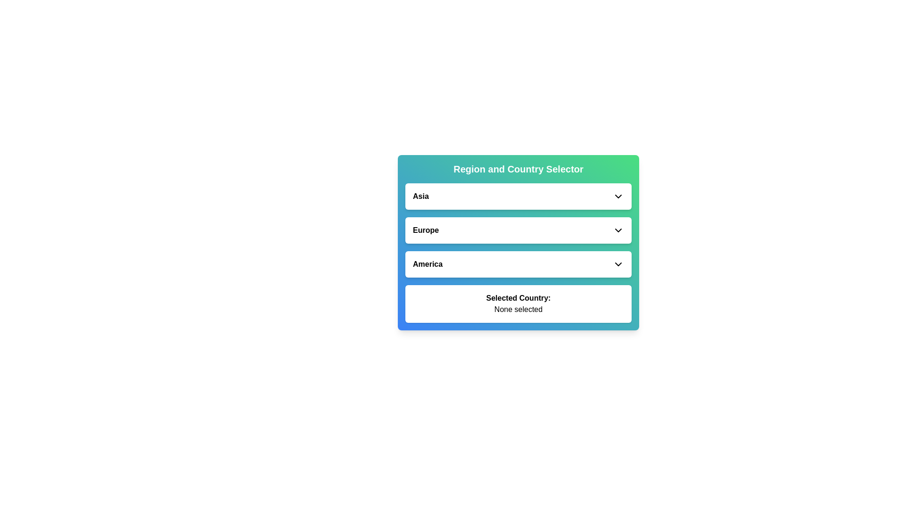 The width and height of the screenshot is (905, 509). I want to click on the text label representing a selectable option within the dropdown menu for choosing a region, located centrally in the 'Region and Country Selector' interface, so click(425, 230).